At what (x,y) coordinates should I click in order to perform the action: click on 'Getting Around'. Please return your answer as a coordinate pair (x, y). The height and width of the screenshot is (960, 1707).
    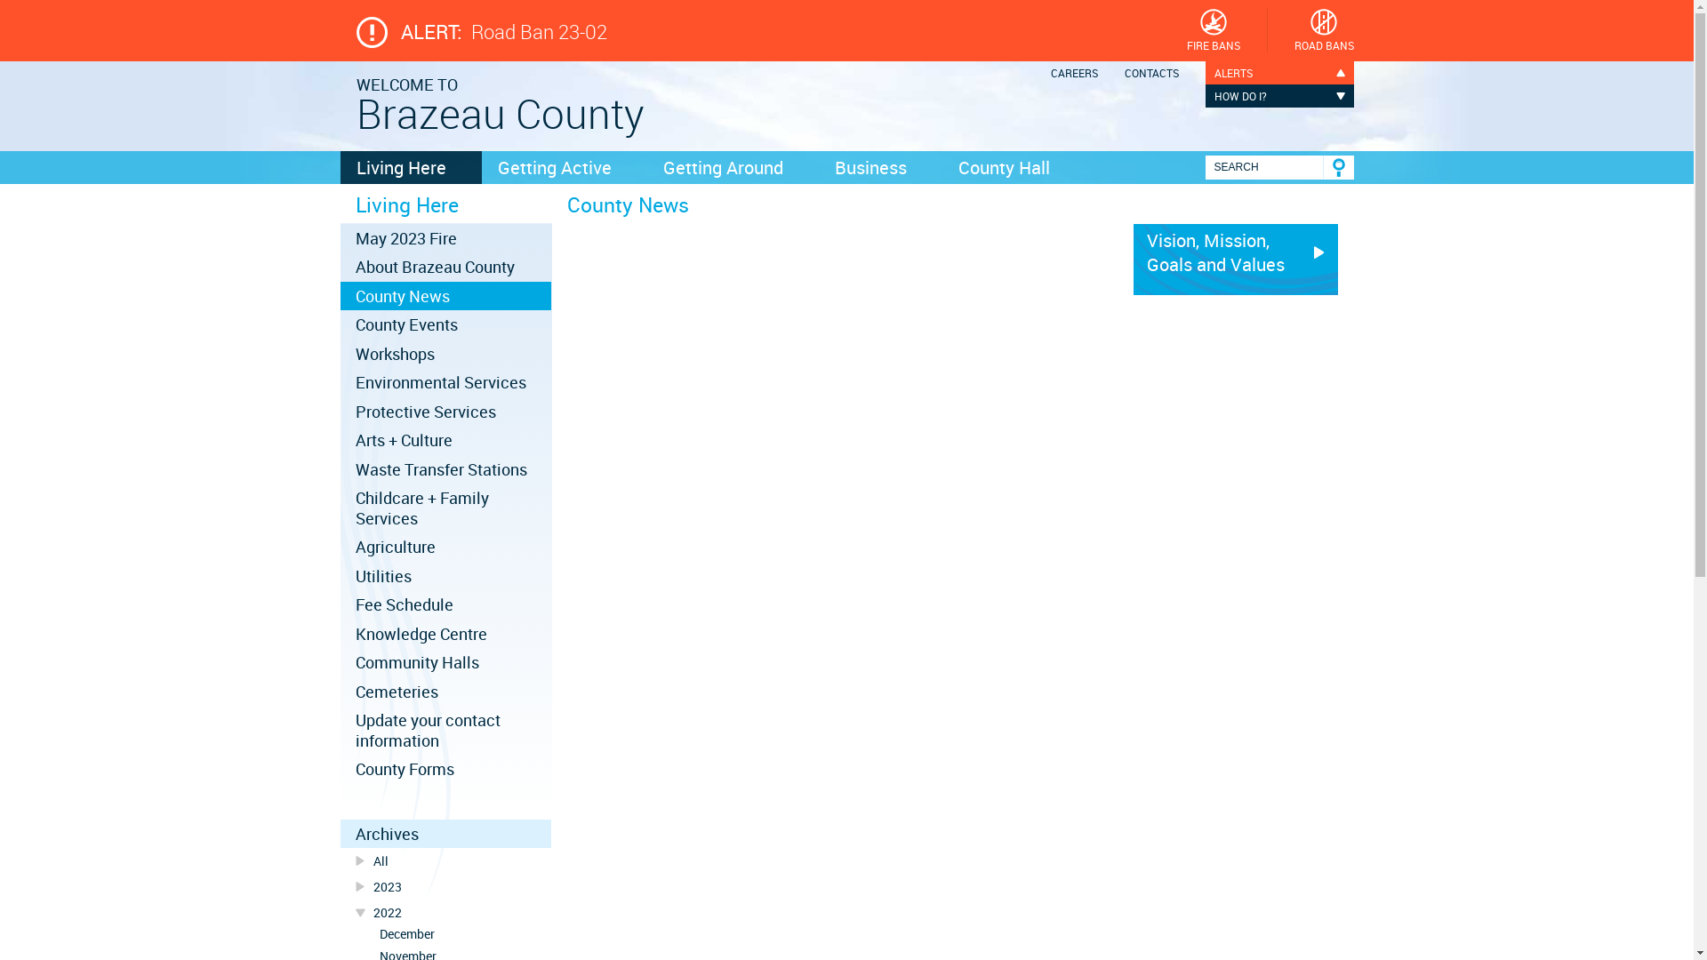
    Looking at the image, I should click on (733, 167).